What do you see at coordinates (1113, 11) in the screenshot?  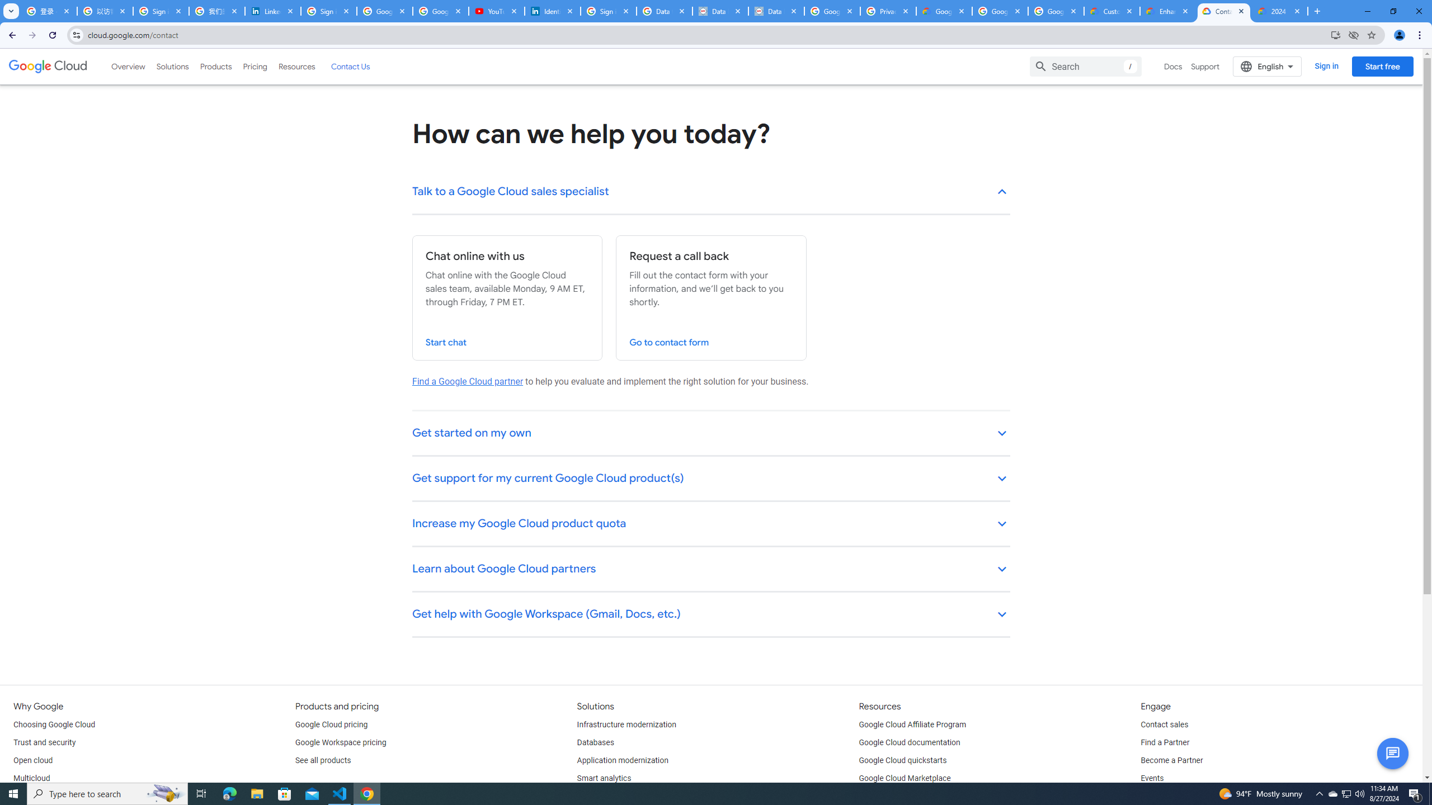 I see `'Customer Care | Google Cloud'` at bounding box center [1113, 11].